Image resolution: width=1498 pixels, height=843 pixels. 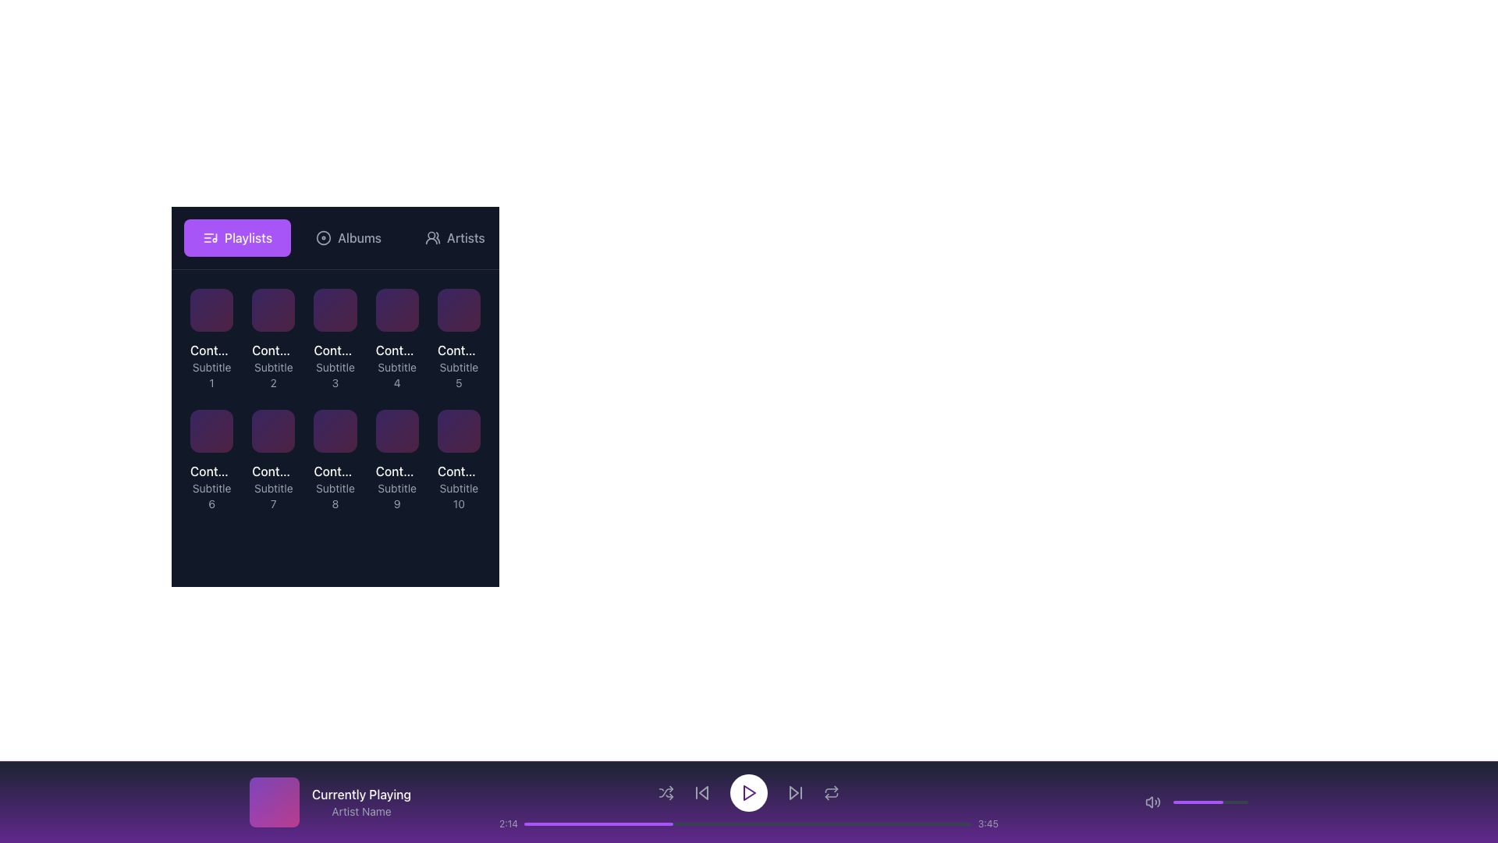 I want to click on the play button located at the center of the bottom control bar, so click(x=749, y=792).